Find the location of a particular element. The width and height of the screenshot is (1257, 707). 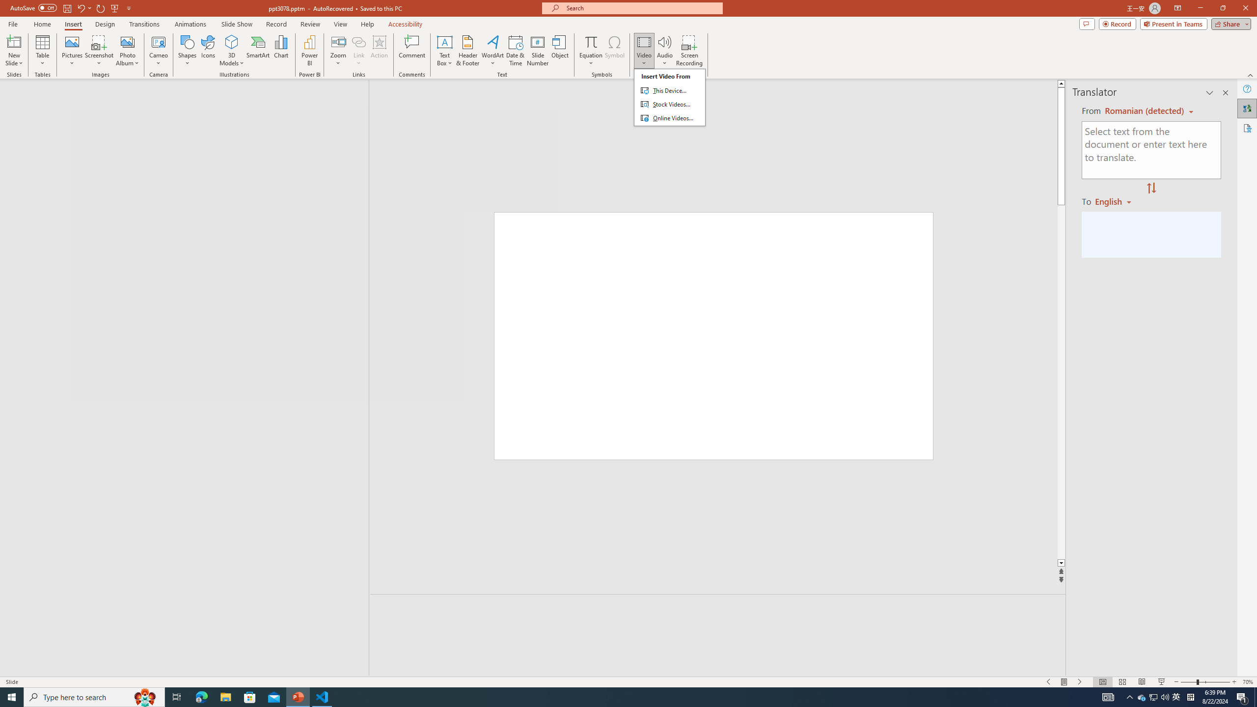

'Comment' is located at coordinates (411, 51).